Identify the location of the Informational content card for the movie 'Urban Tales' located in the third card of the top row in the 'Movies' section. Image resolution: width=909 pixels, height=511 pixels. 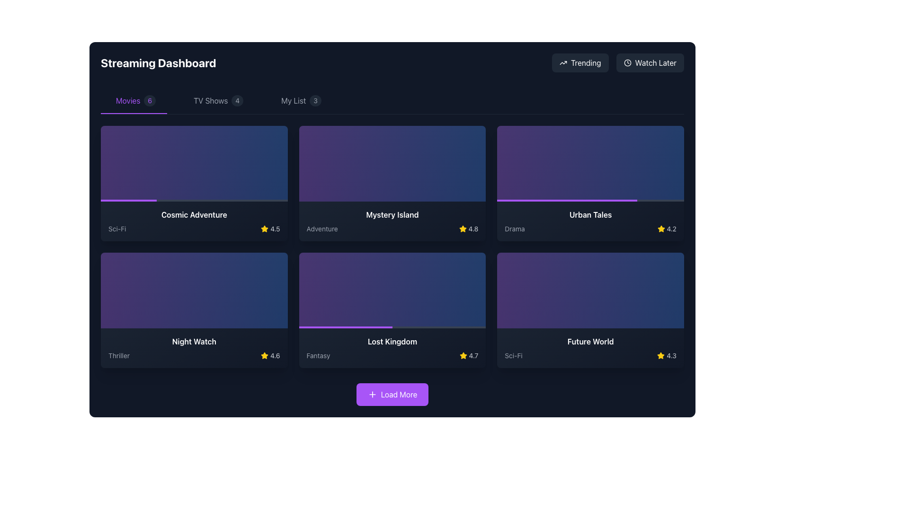
(590, 184).